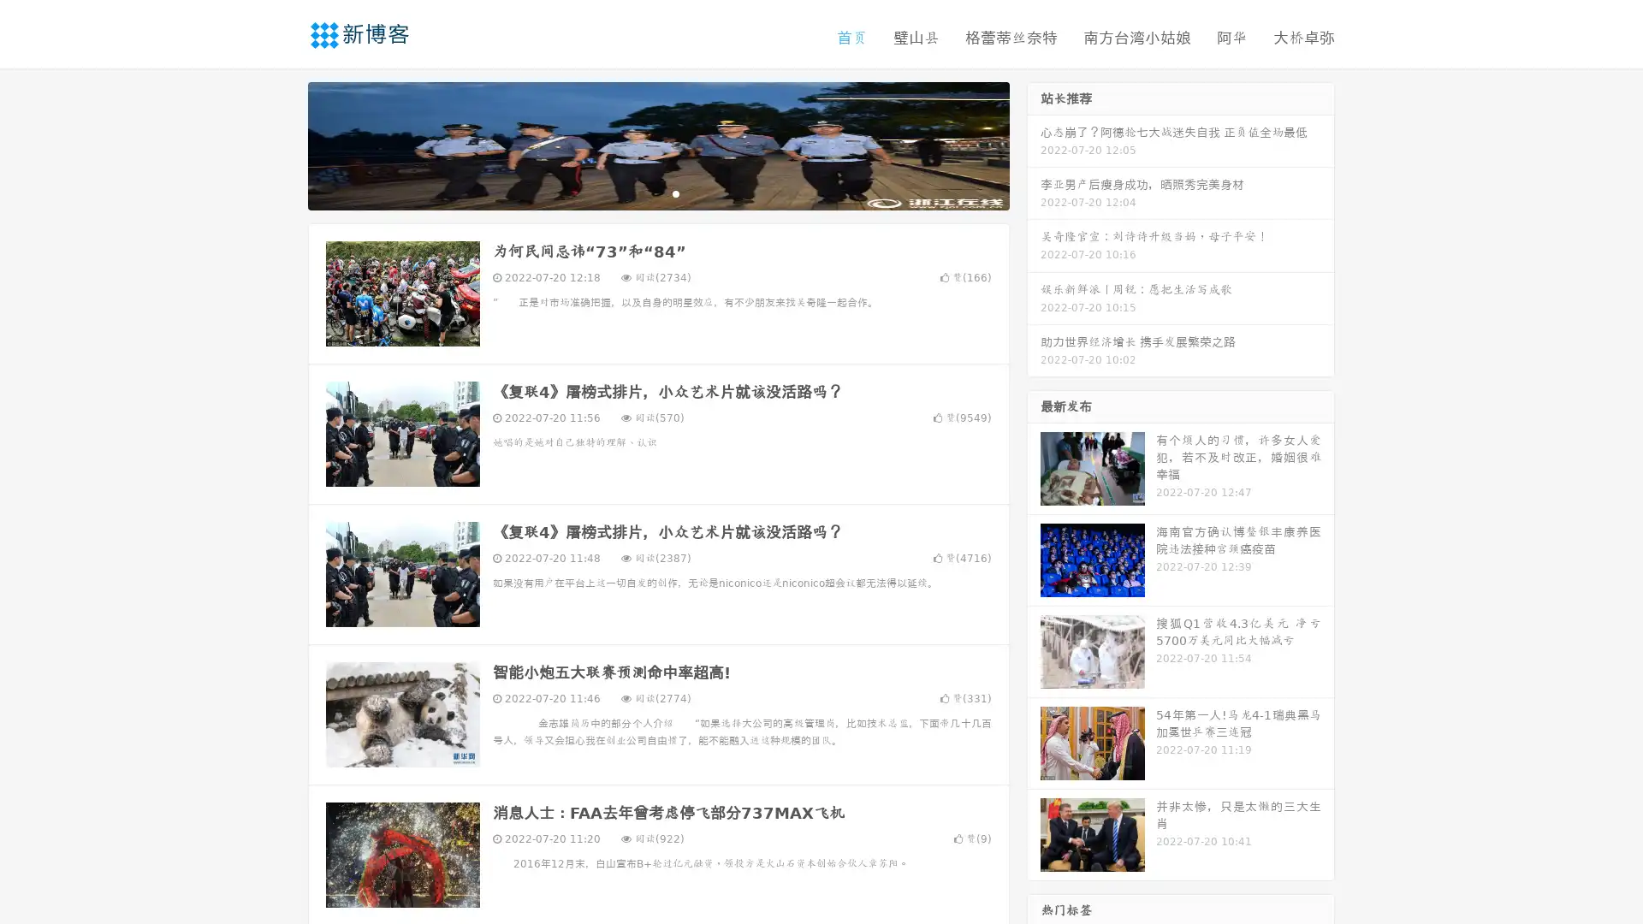 The width and height of the screenshot is (1643, 924). What do you see at coordinates (657, 192) in the screenshot?
I see `Go to slide 2` at bounding box center [657, 192].